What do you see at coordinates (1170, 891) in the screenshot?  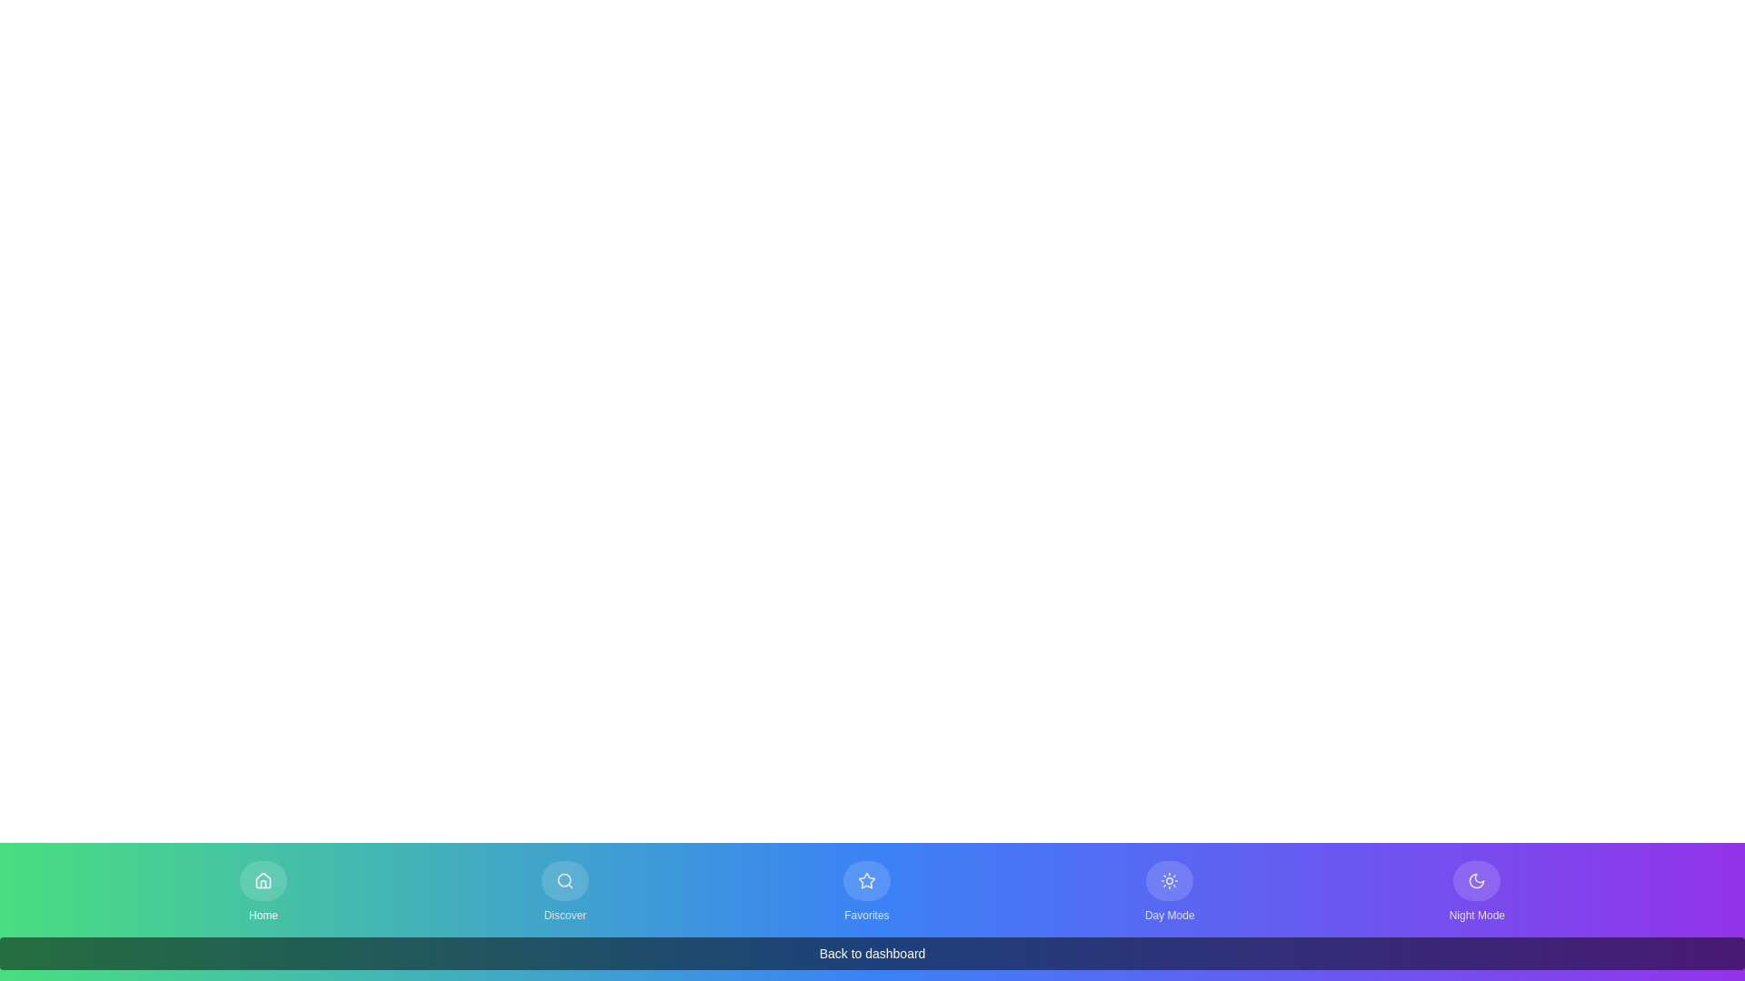 I see `the button labeled Day Mode to observe its hover state change` at bounding box center [1170, 891].